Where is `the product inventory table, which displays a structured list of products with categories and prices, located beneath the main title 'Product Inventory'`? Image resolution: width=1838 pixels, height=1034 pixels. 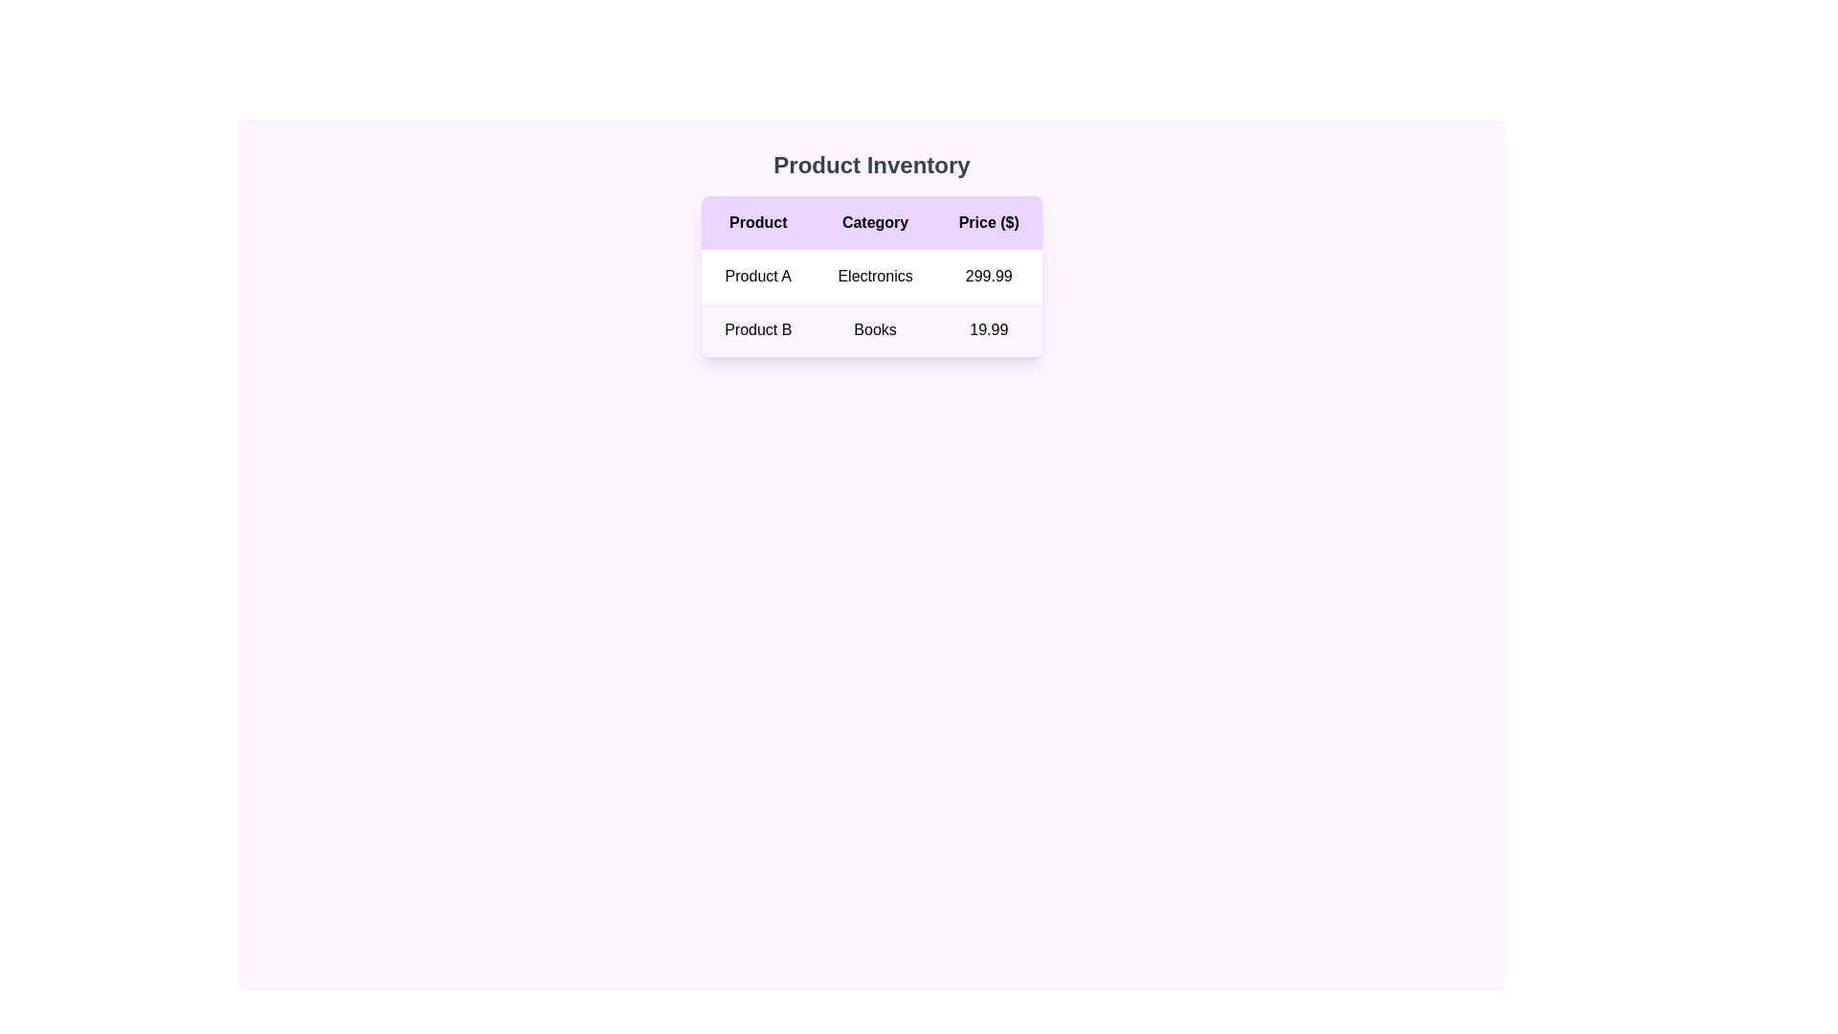 the product inventory table, which displays a structured list of products with categories and prices, located beneath the main title 'Product Inventory' is located at coordinates (871, 277).